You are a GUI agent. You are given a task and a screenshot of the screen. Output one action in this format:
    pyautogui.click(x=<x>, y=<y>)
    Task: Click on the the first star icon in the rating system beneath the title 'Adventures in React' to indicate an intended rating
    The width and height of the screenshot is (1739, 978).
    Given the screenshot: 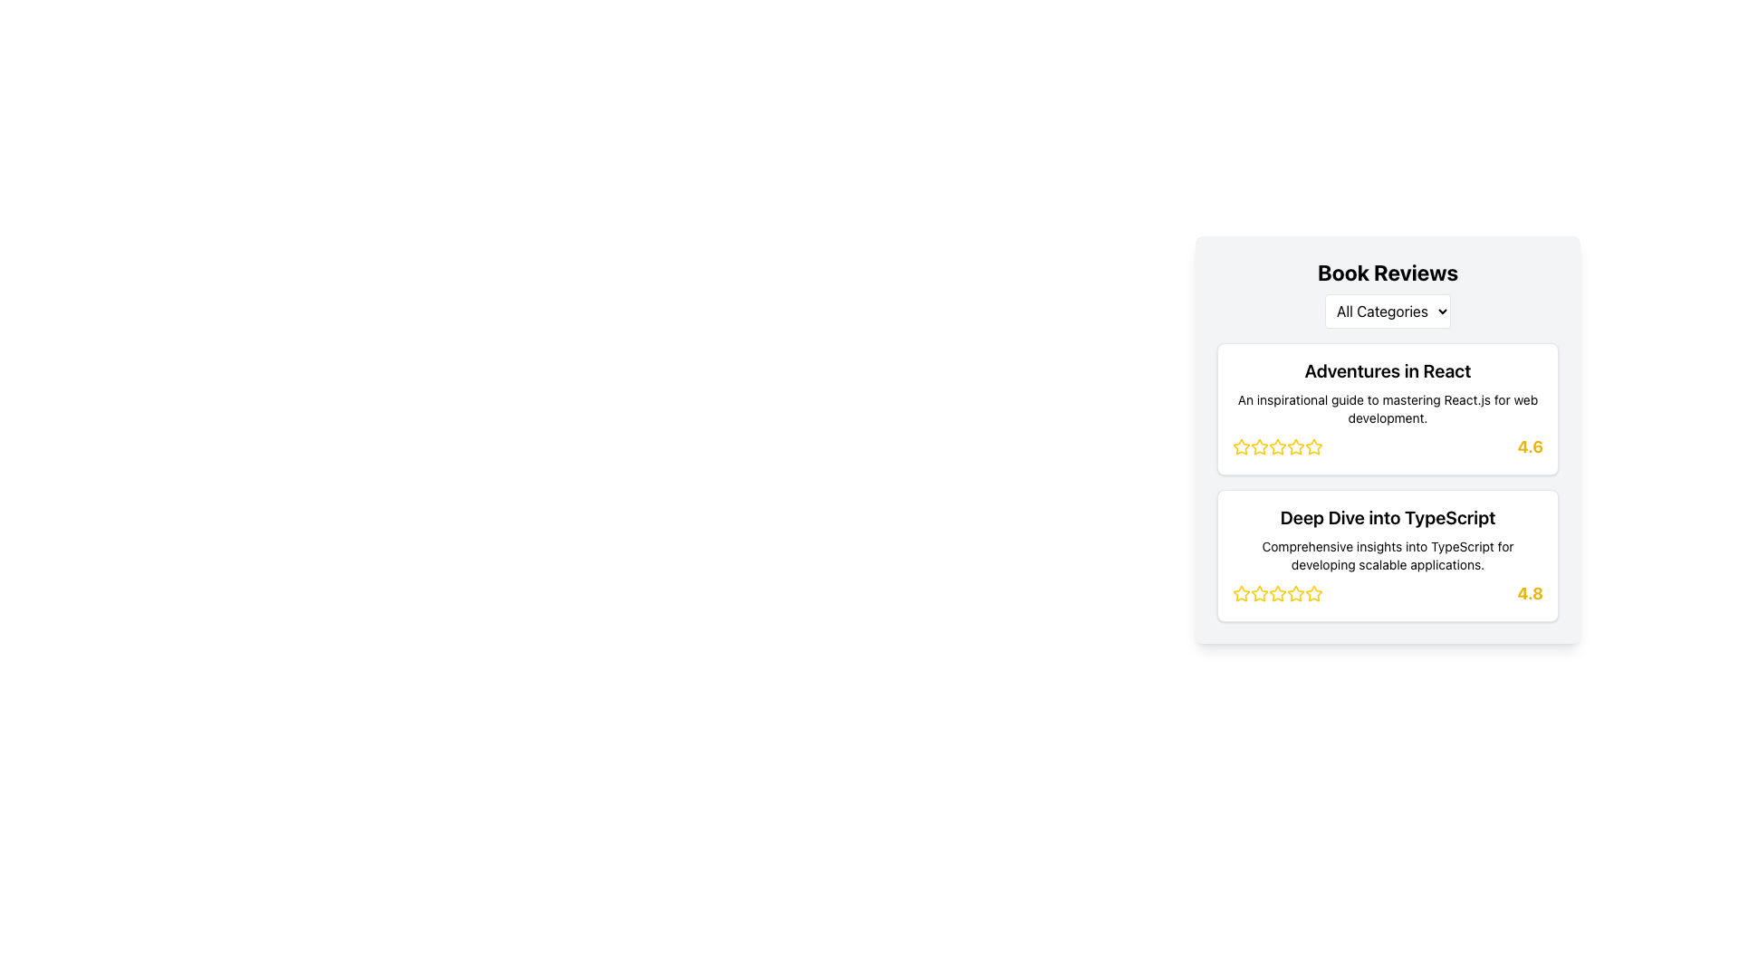 What is the action you would take?
    pyautogui.click(x=1241, y=446)
    